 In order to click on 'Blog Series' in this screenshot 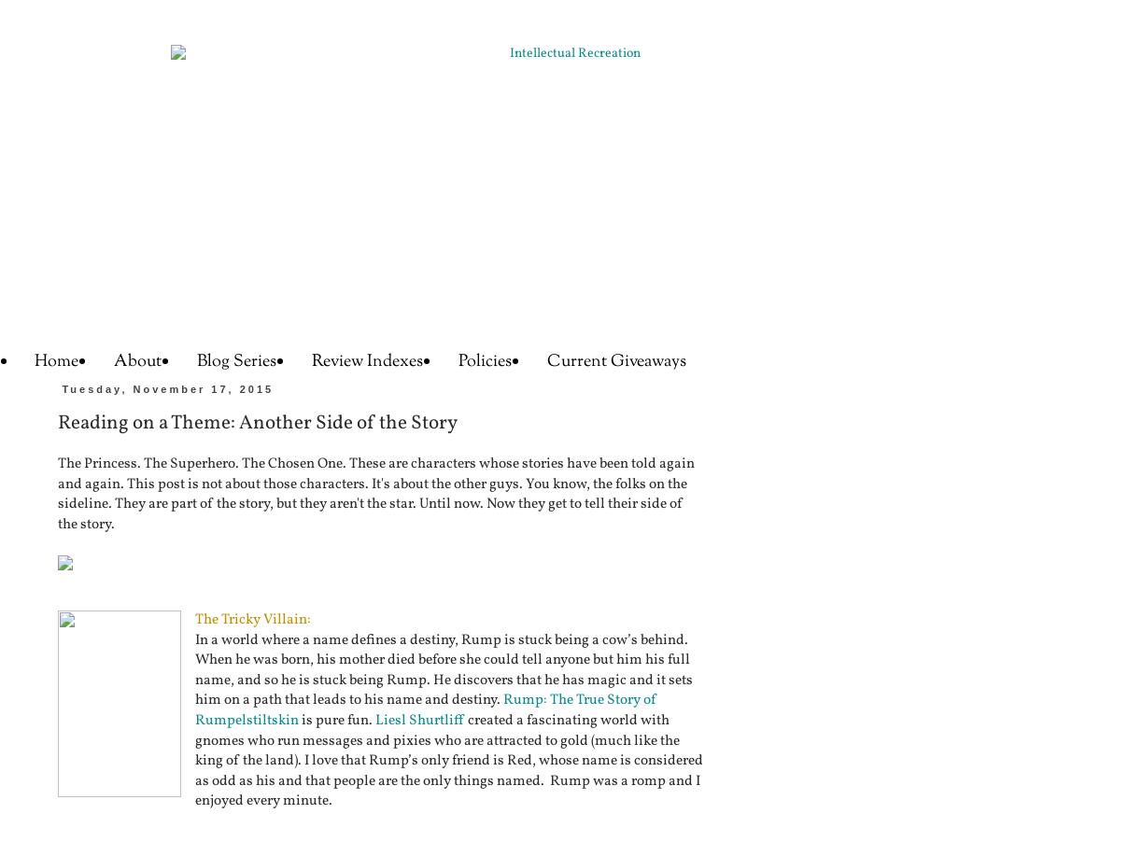, I will do `click(236, 360)`.